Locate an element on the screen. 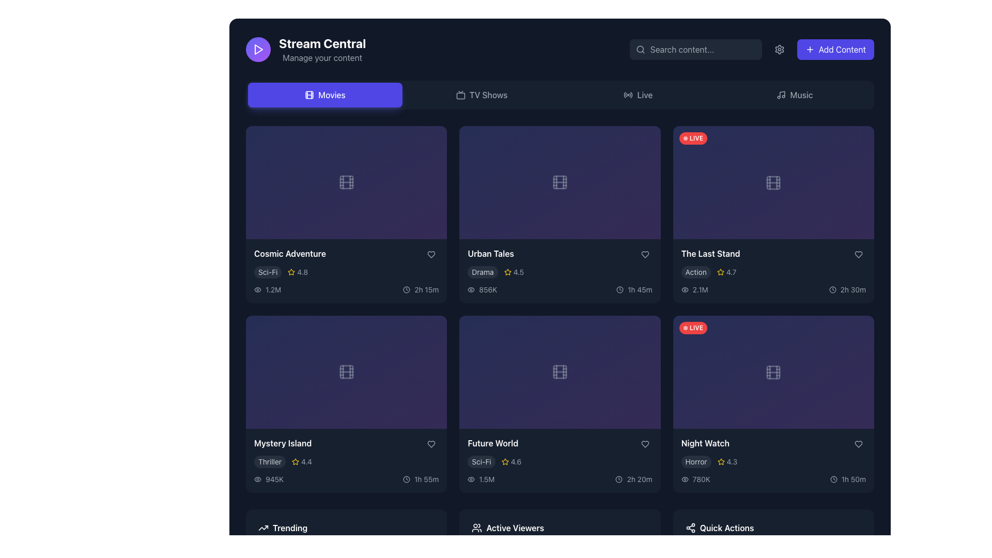 The height and width of the screenshot is (558, 992). the red, rounded rectangular badge with the text 'LIVE' in white, bold, small-cap font, located in the top-left corner of the video thumbnail frame for the 'Night Watch' title is located at coordinates (693, 328).